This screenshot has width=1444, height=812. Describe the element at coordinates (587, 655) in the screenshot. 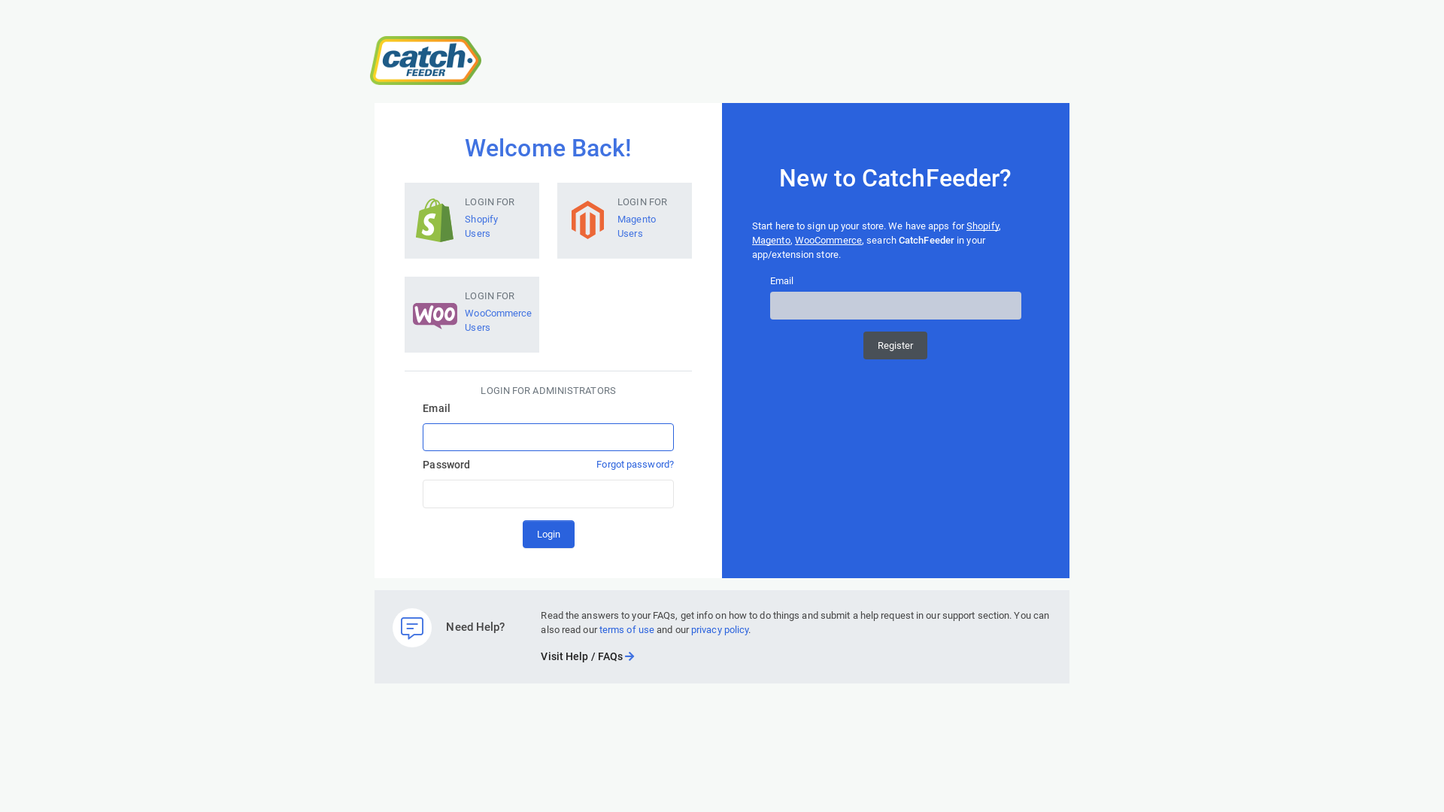

I see `'Visit Help / FAQs'` at that location.